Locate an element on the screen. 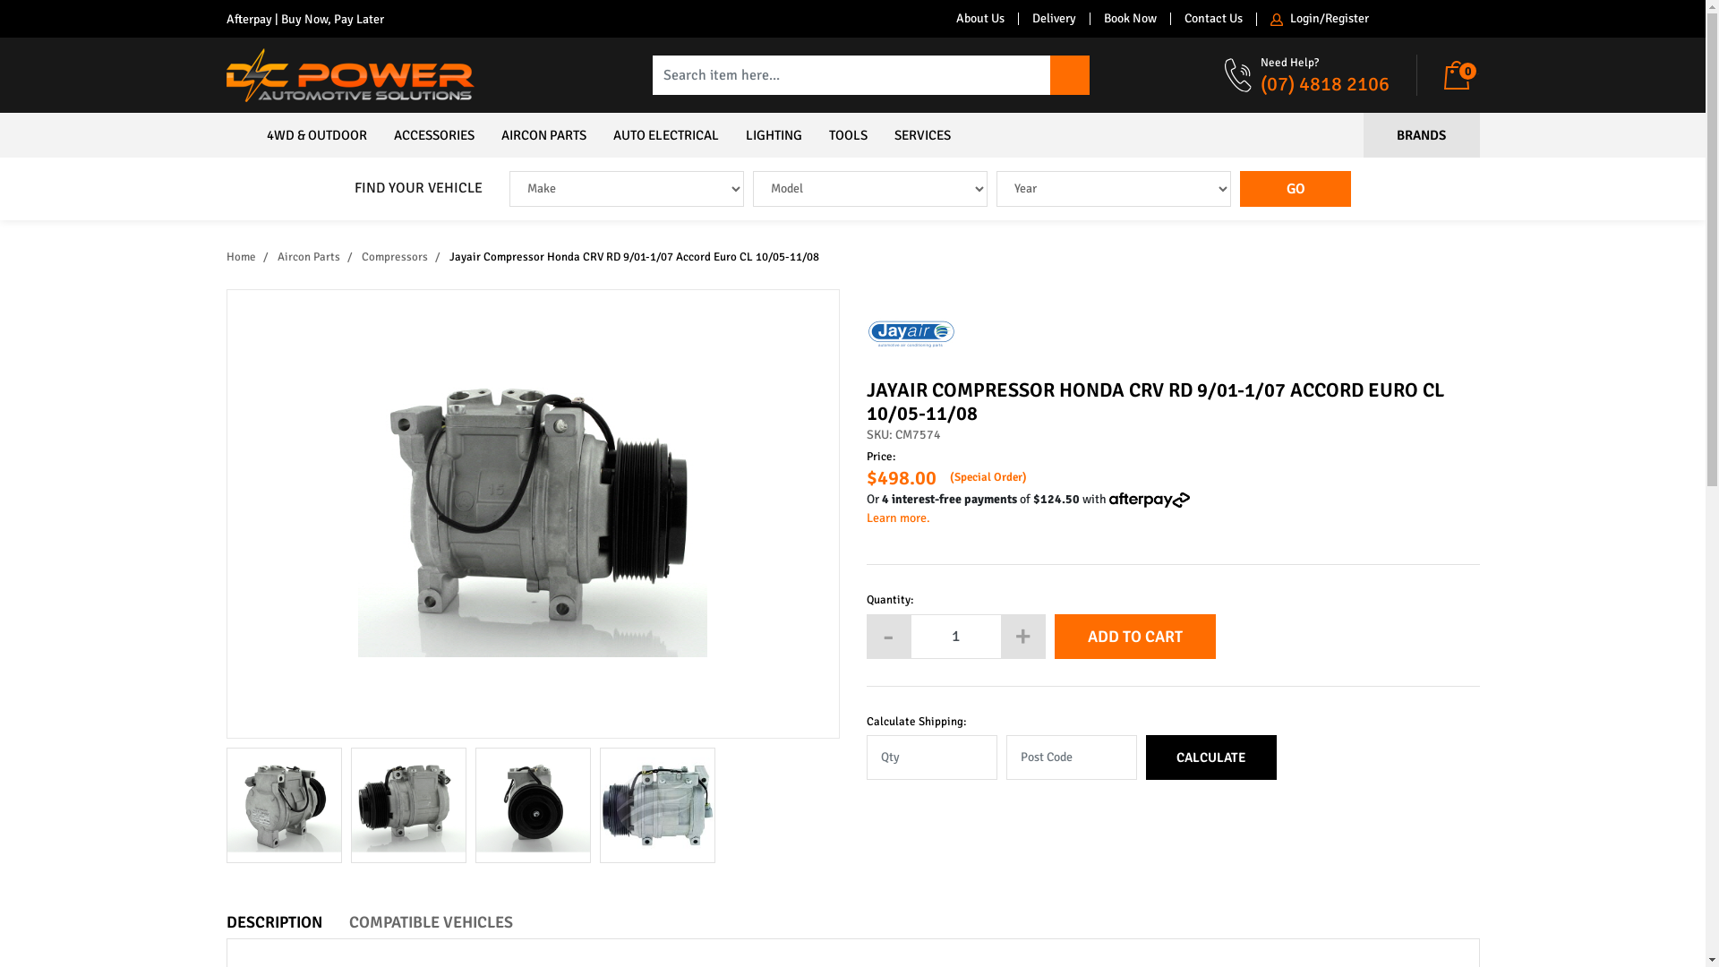  '0' is located at coordinates (1461, 74).